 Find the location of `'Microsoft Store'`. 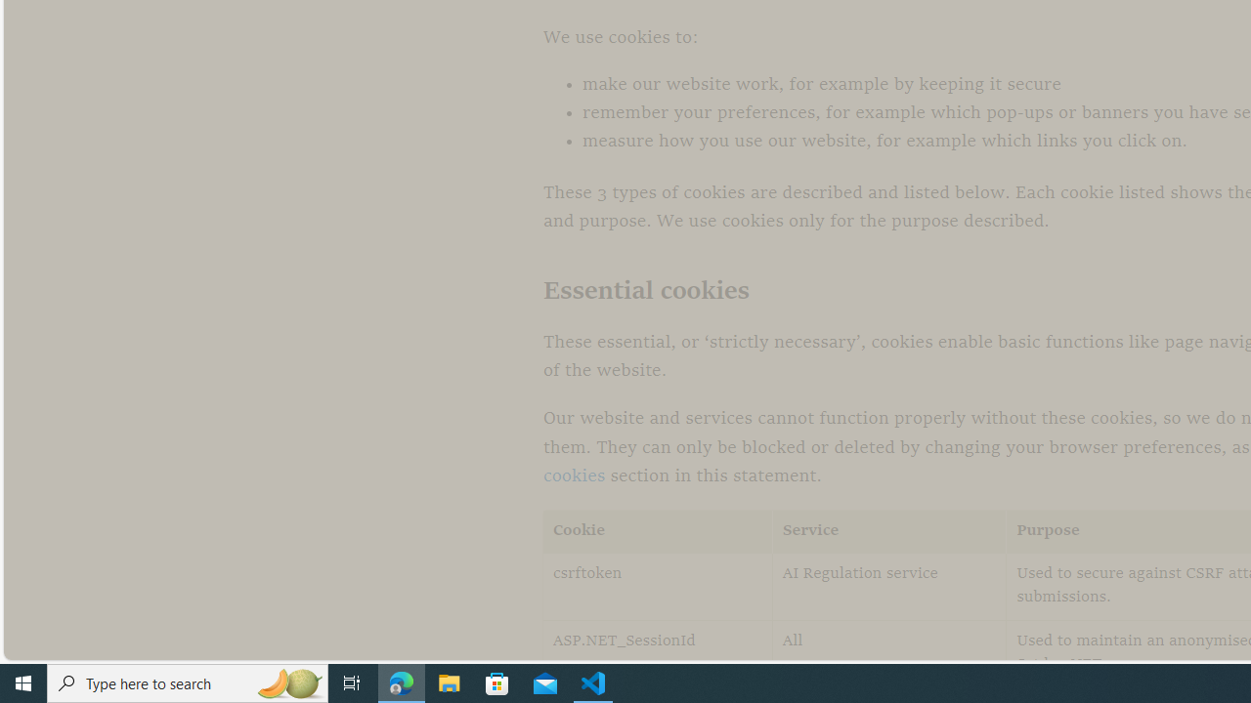

'Microsoft Store' is located at coordinates (497, 682).